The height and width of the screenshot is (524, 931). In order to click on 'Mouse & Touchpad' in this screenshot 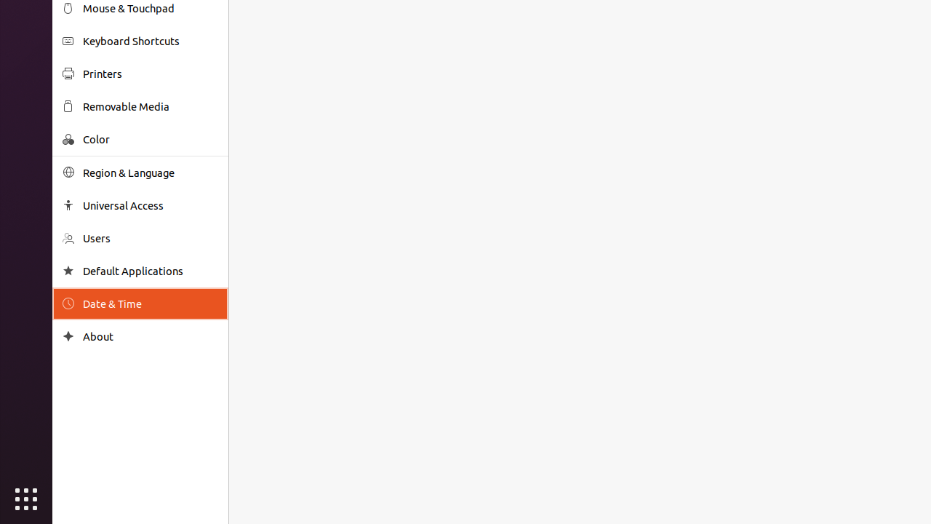, I will do `click(150, 8)`.